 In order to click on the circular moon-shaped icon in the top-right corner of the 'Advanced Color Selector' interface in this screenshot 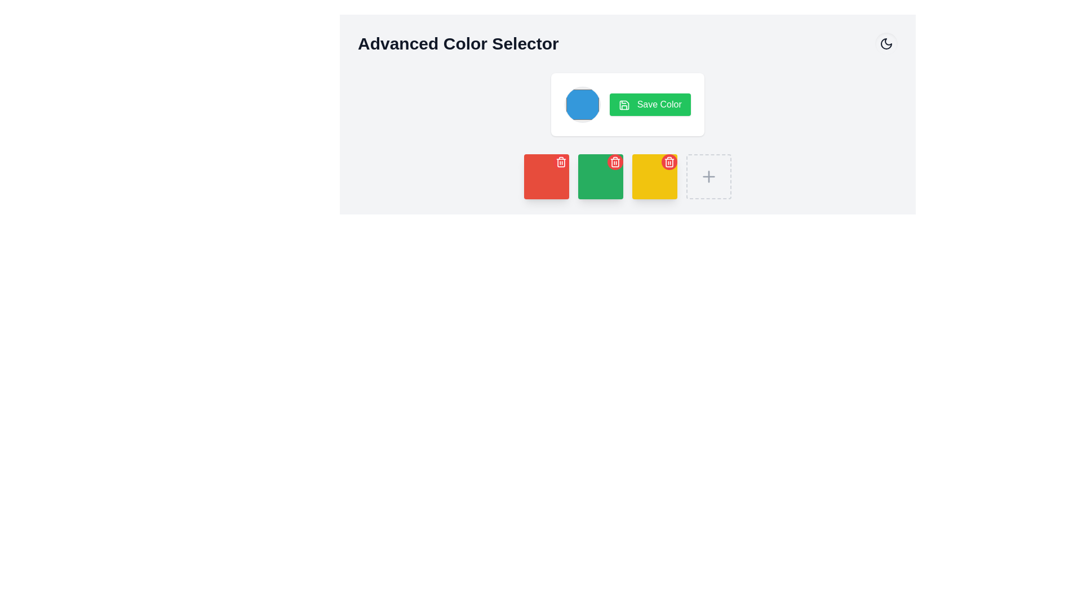, I will do `click(886, 43)`.